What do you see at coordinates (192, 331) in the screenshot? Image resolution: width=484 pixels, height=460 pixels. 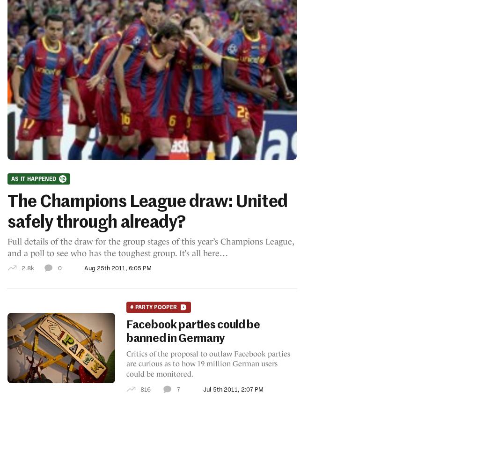 I see `'Facebook parties could be banned in Germany'` at bounding box center [192, 331].